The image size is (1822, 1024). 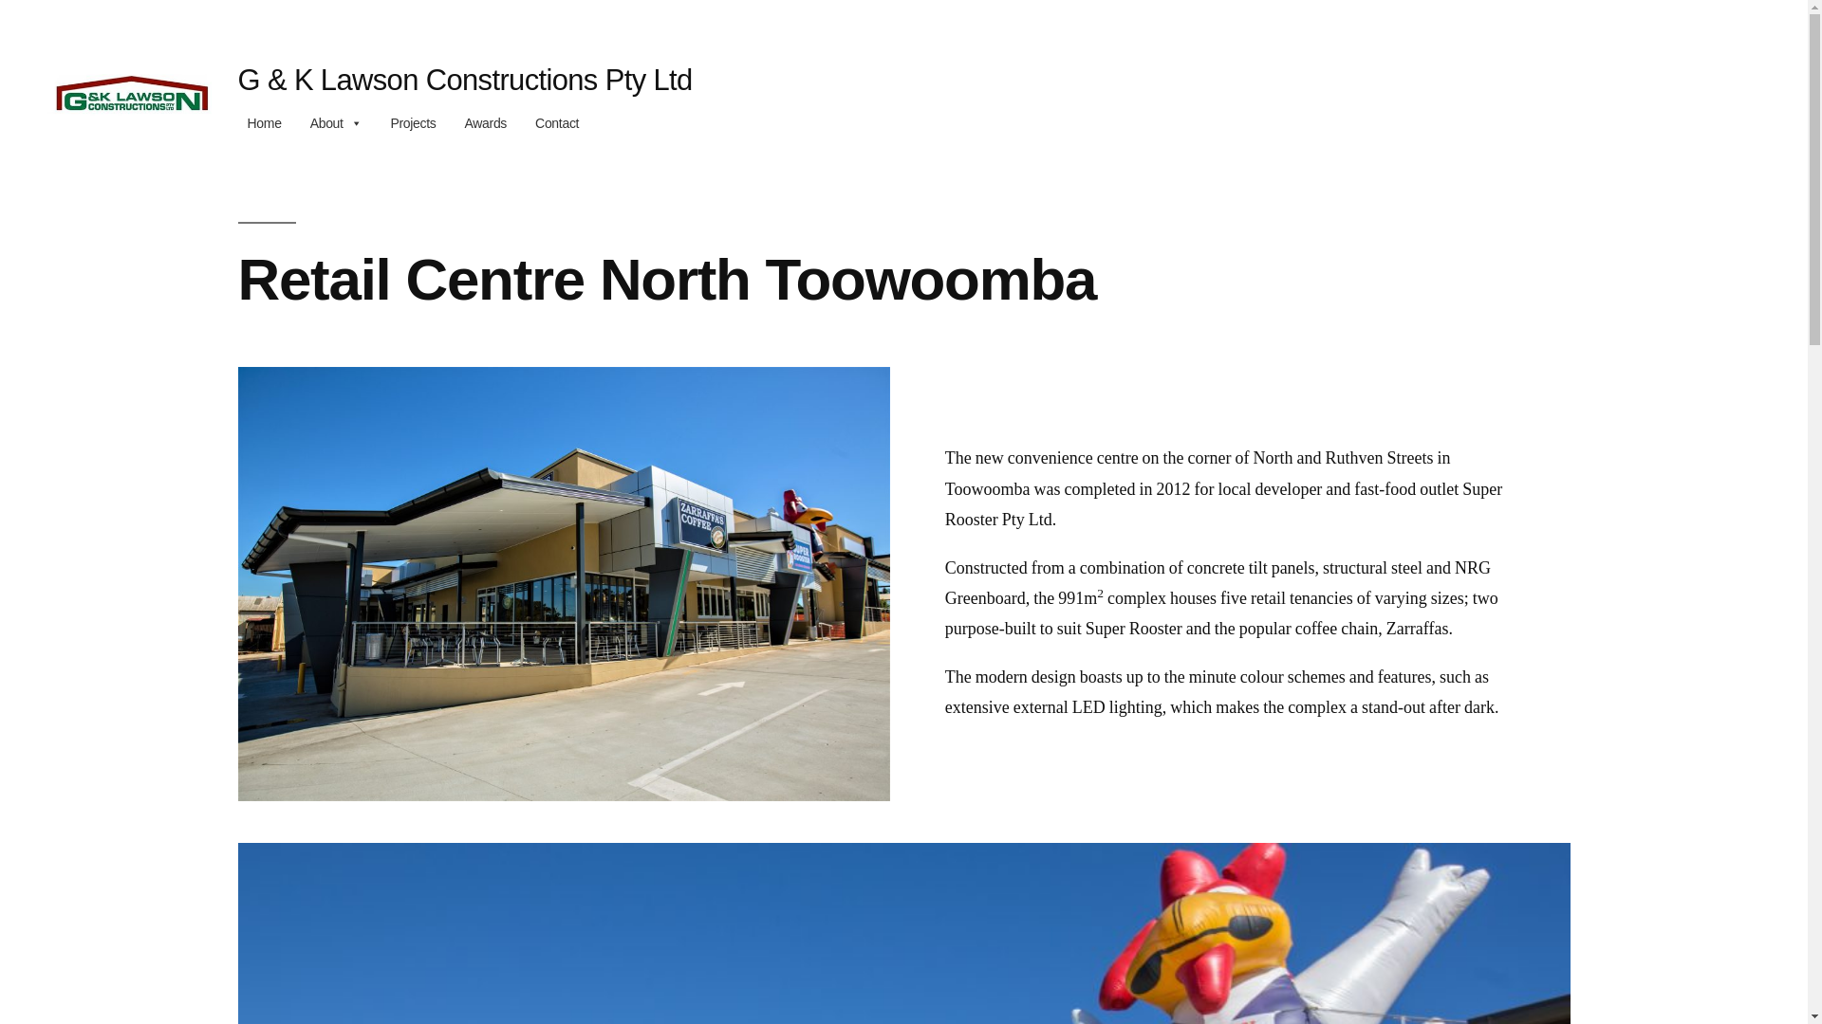 I want to click on 'Contact', so click(x=555, y=123).